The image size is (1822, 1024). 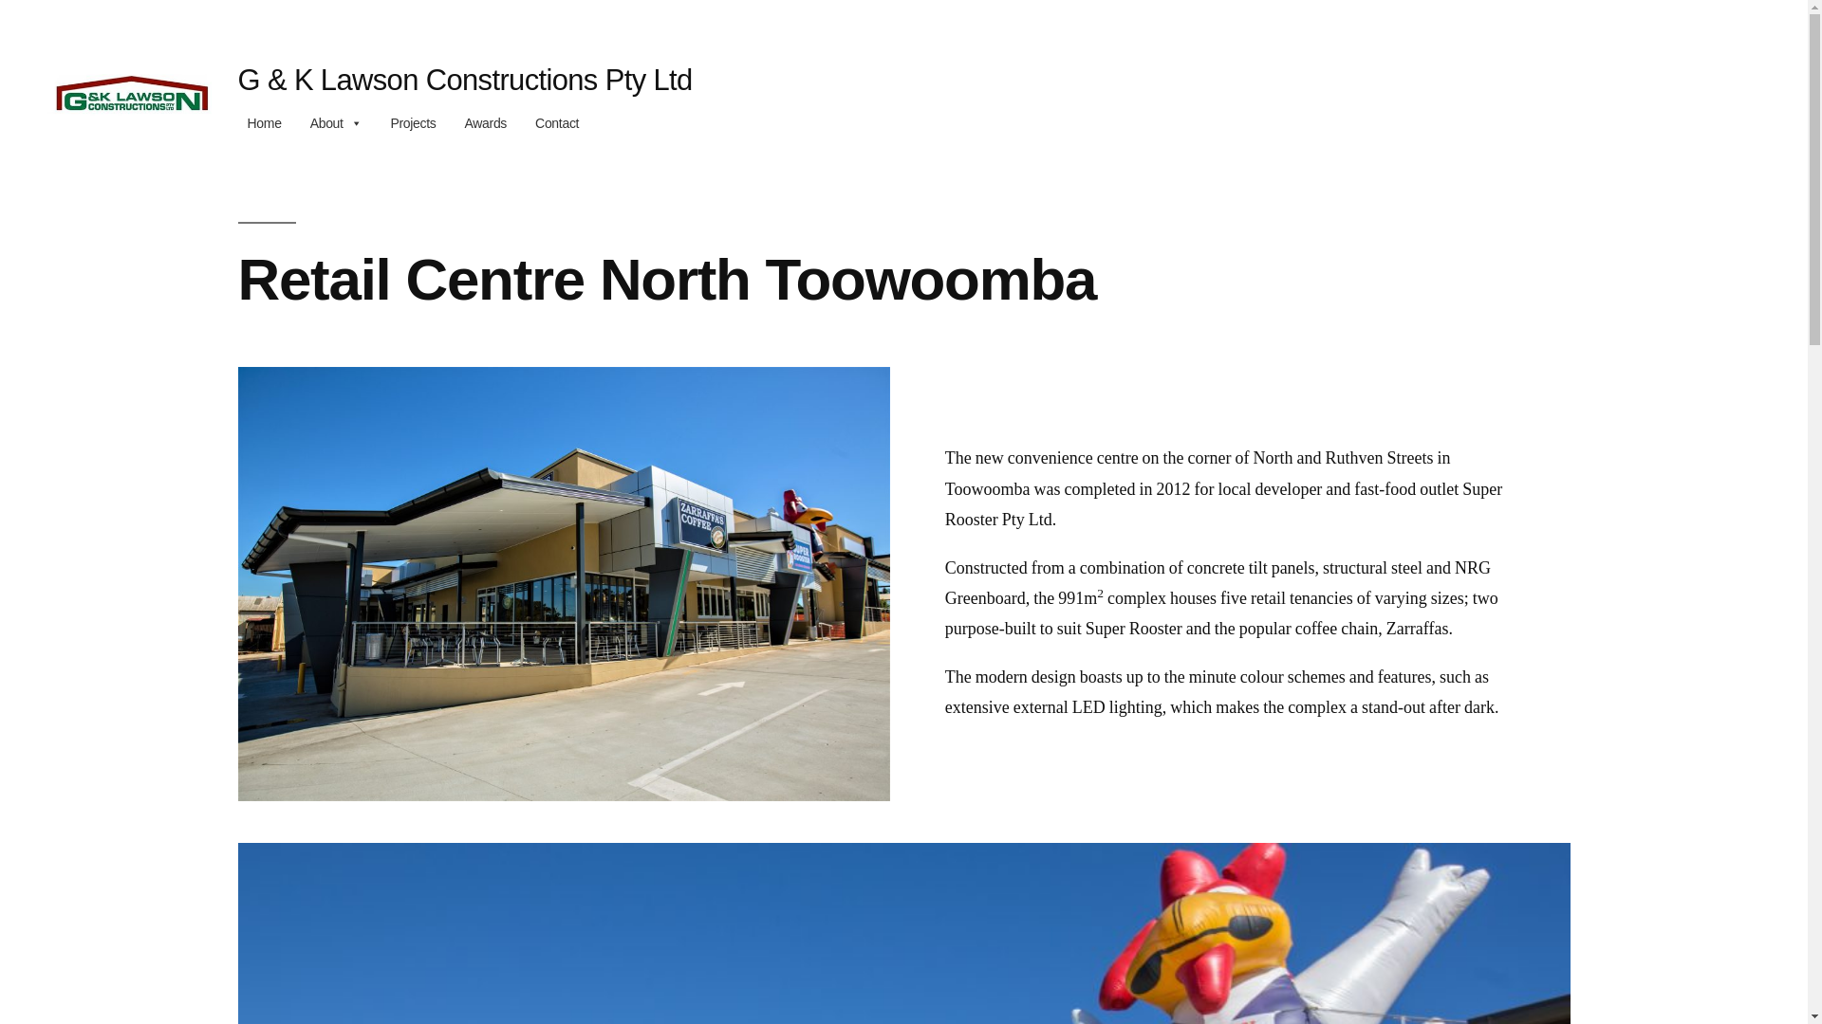 I want to click on 'Contact', so click(x=555, y=123).